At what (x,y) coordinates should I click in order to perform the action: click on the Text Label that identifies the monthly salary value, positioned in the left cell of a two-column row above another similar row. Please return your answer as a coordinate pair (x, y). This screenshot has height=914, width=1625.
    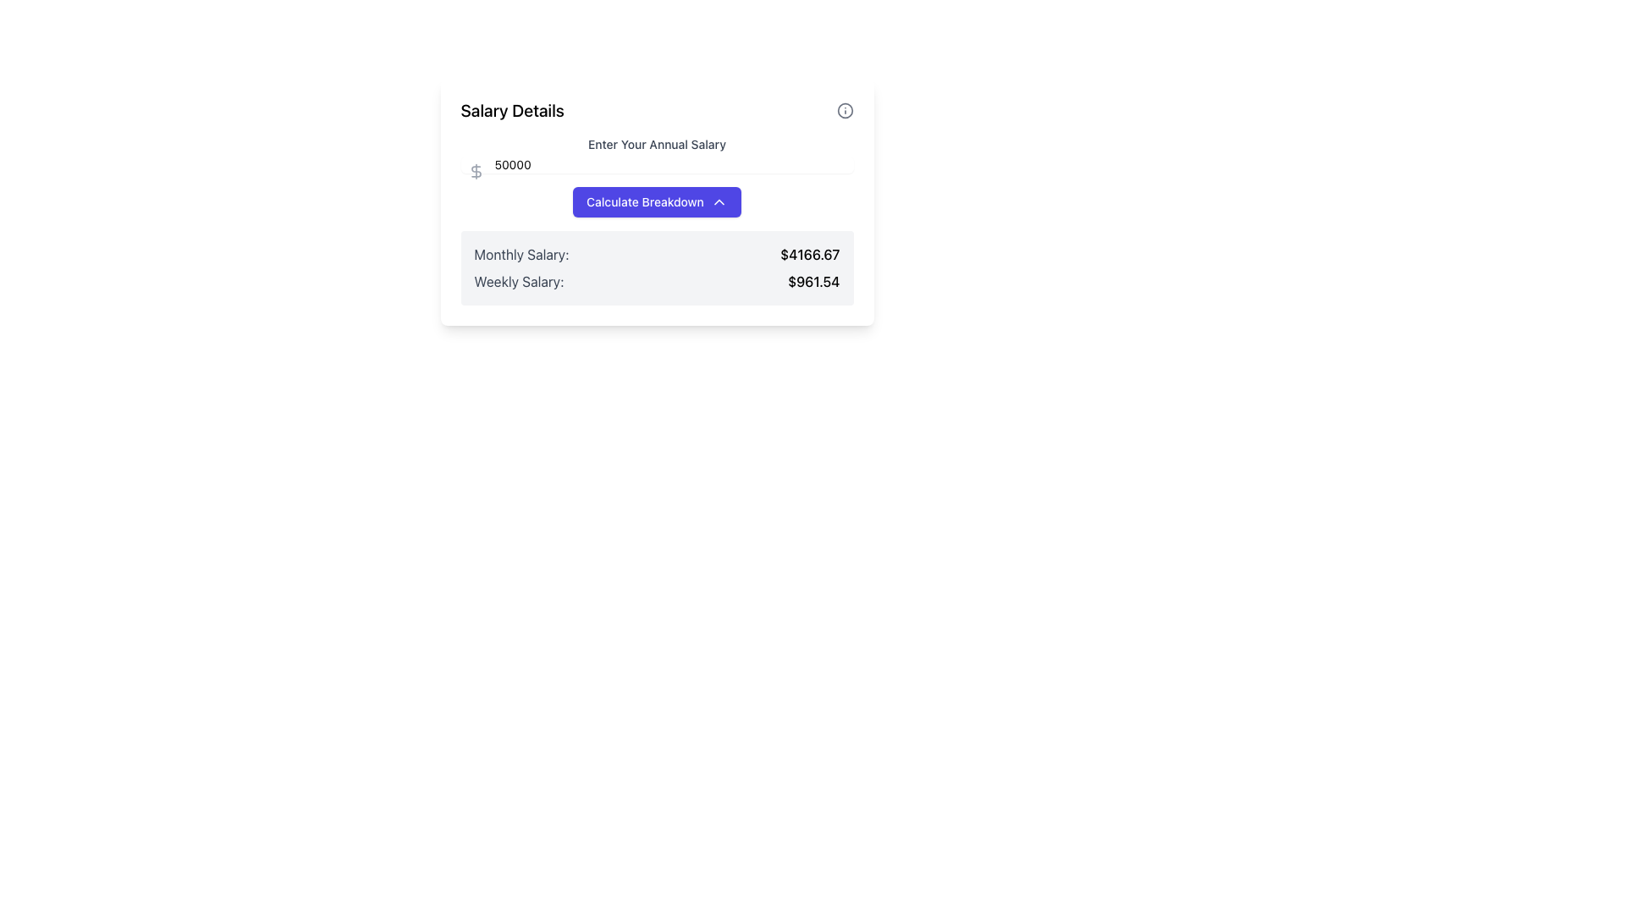
    Looking at the image, I should click on (521, 254).